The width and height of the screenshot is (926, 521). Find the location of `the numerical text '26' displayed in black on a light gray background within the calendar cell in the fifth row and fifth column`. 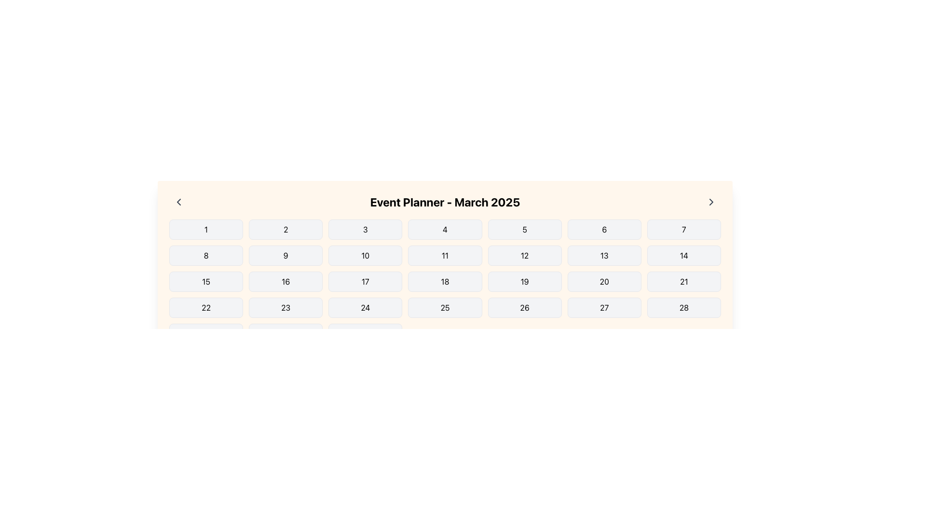

the numerical text '26' displayed in black on a light gray background within the calendar cell in the fifth row and fifth column is located at coordinates (524, 307).